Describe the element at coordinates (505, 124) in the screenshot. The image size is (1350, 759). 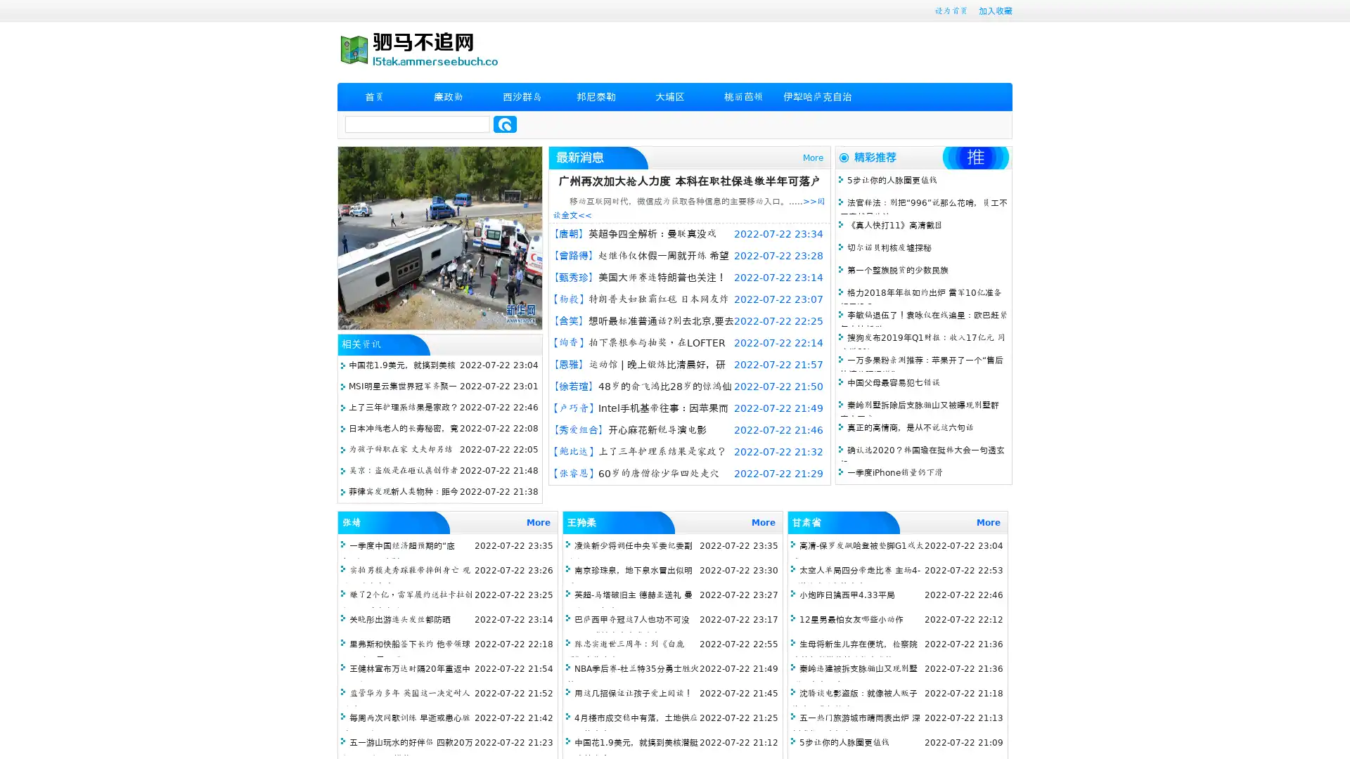
I see `Search` at that location.